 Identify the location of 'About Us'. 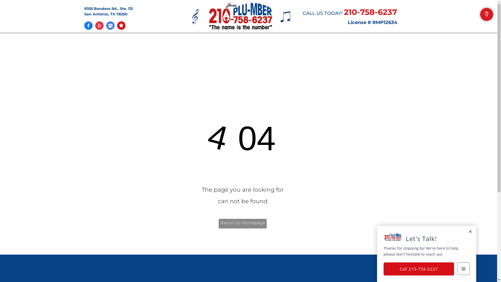
(166, 44).